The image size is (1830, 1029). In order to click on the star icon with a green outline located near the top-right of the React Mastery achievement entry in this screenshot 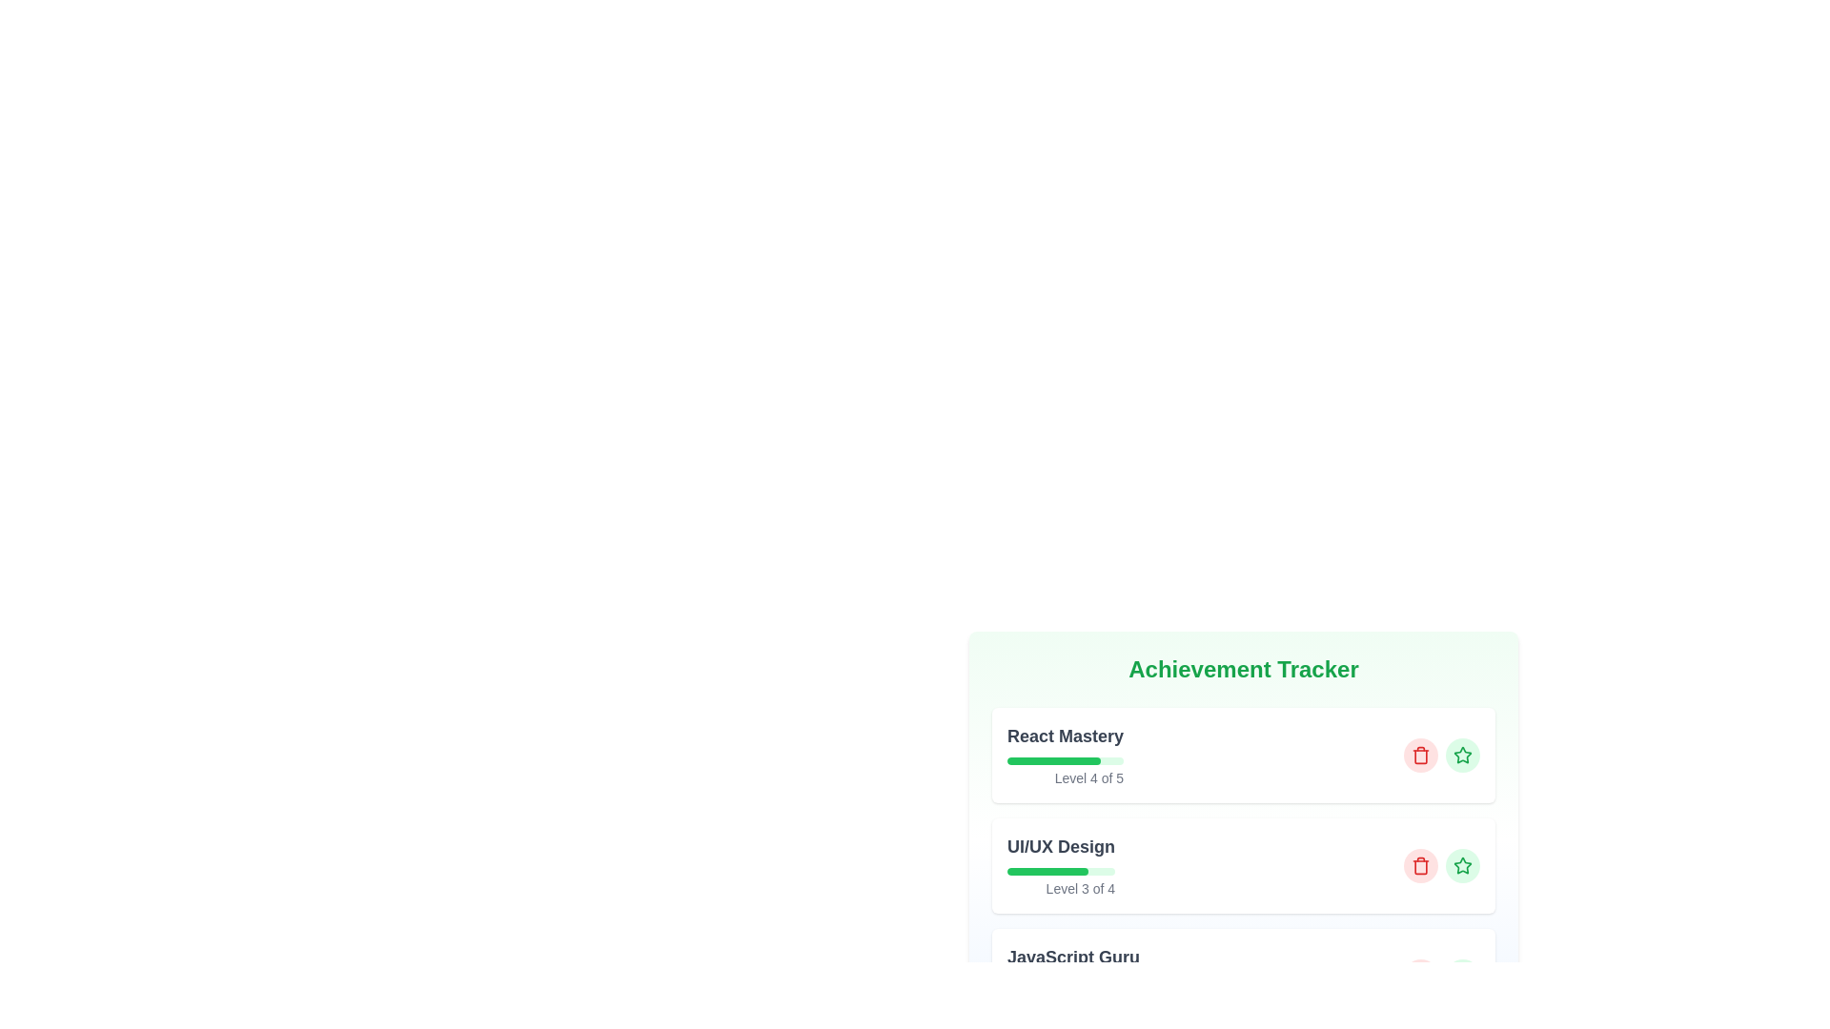, I will do `click(1462, 865)`.